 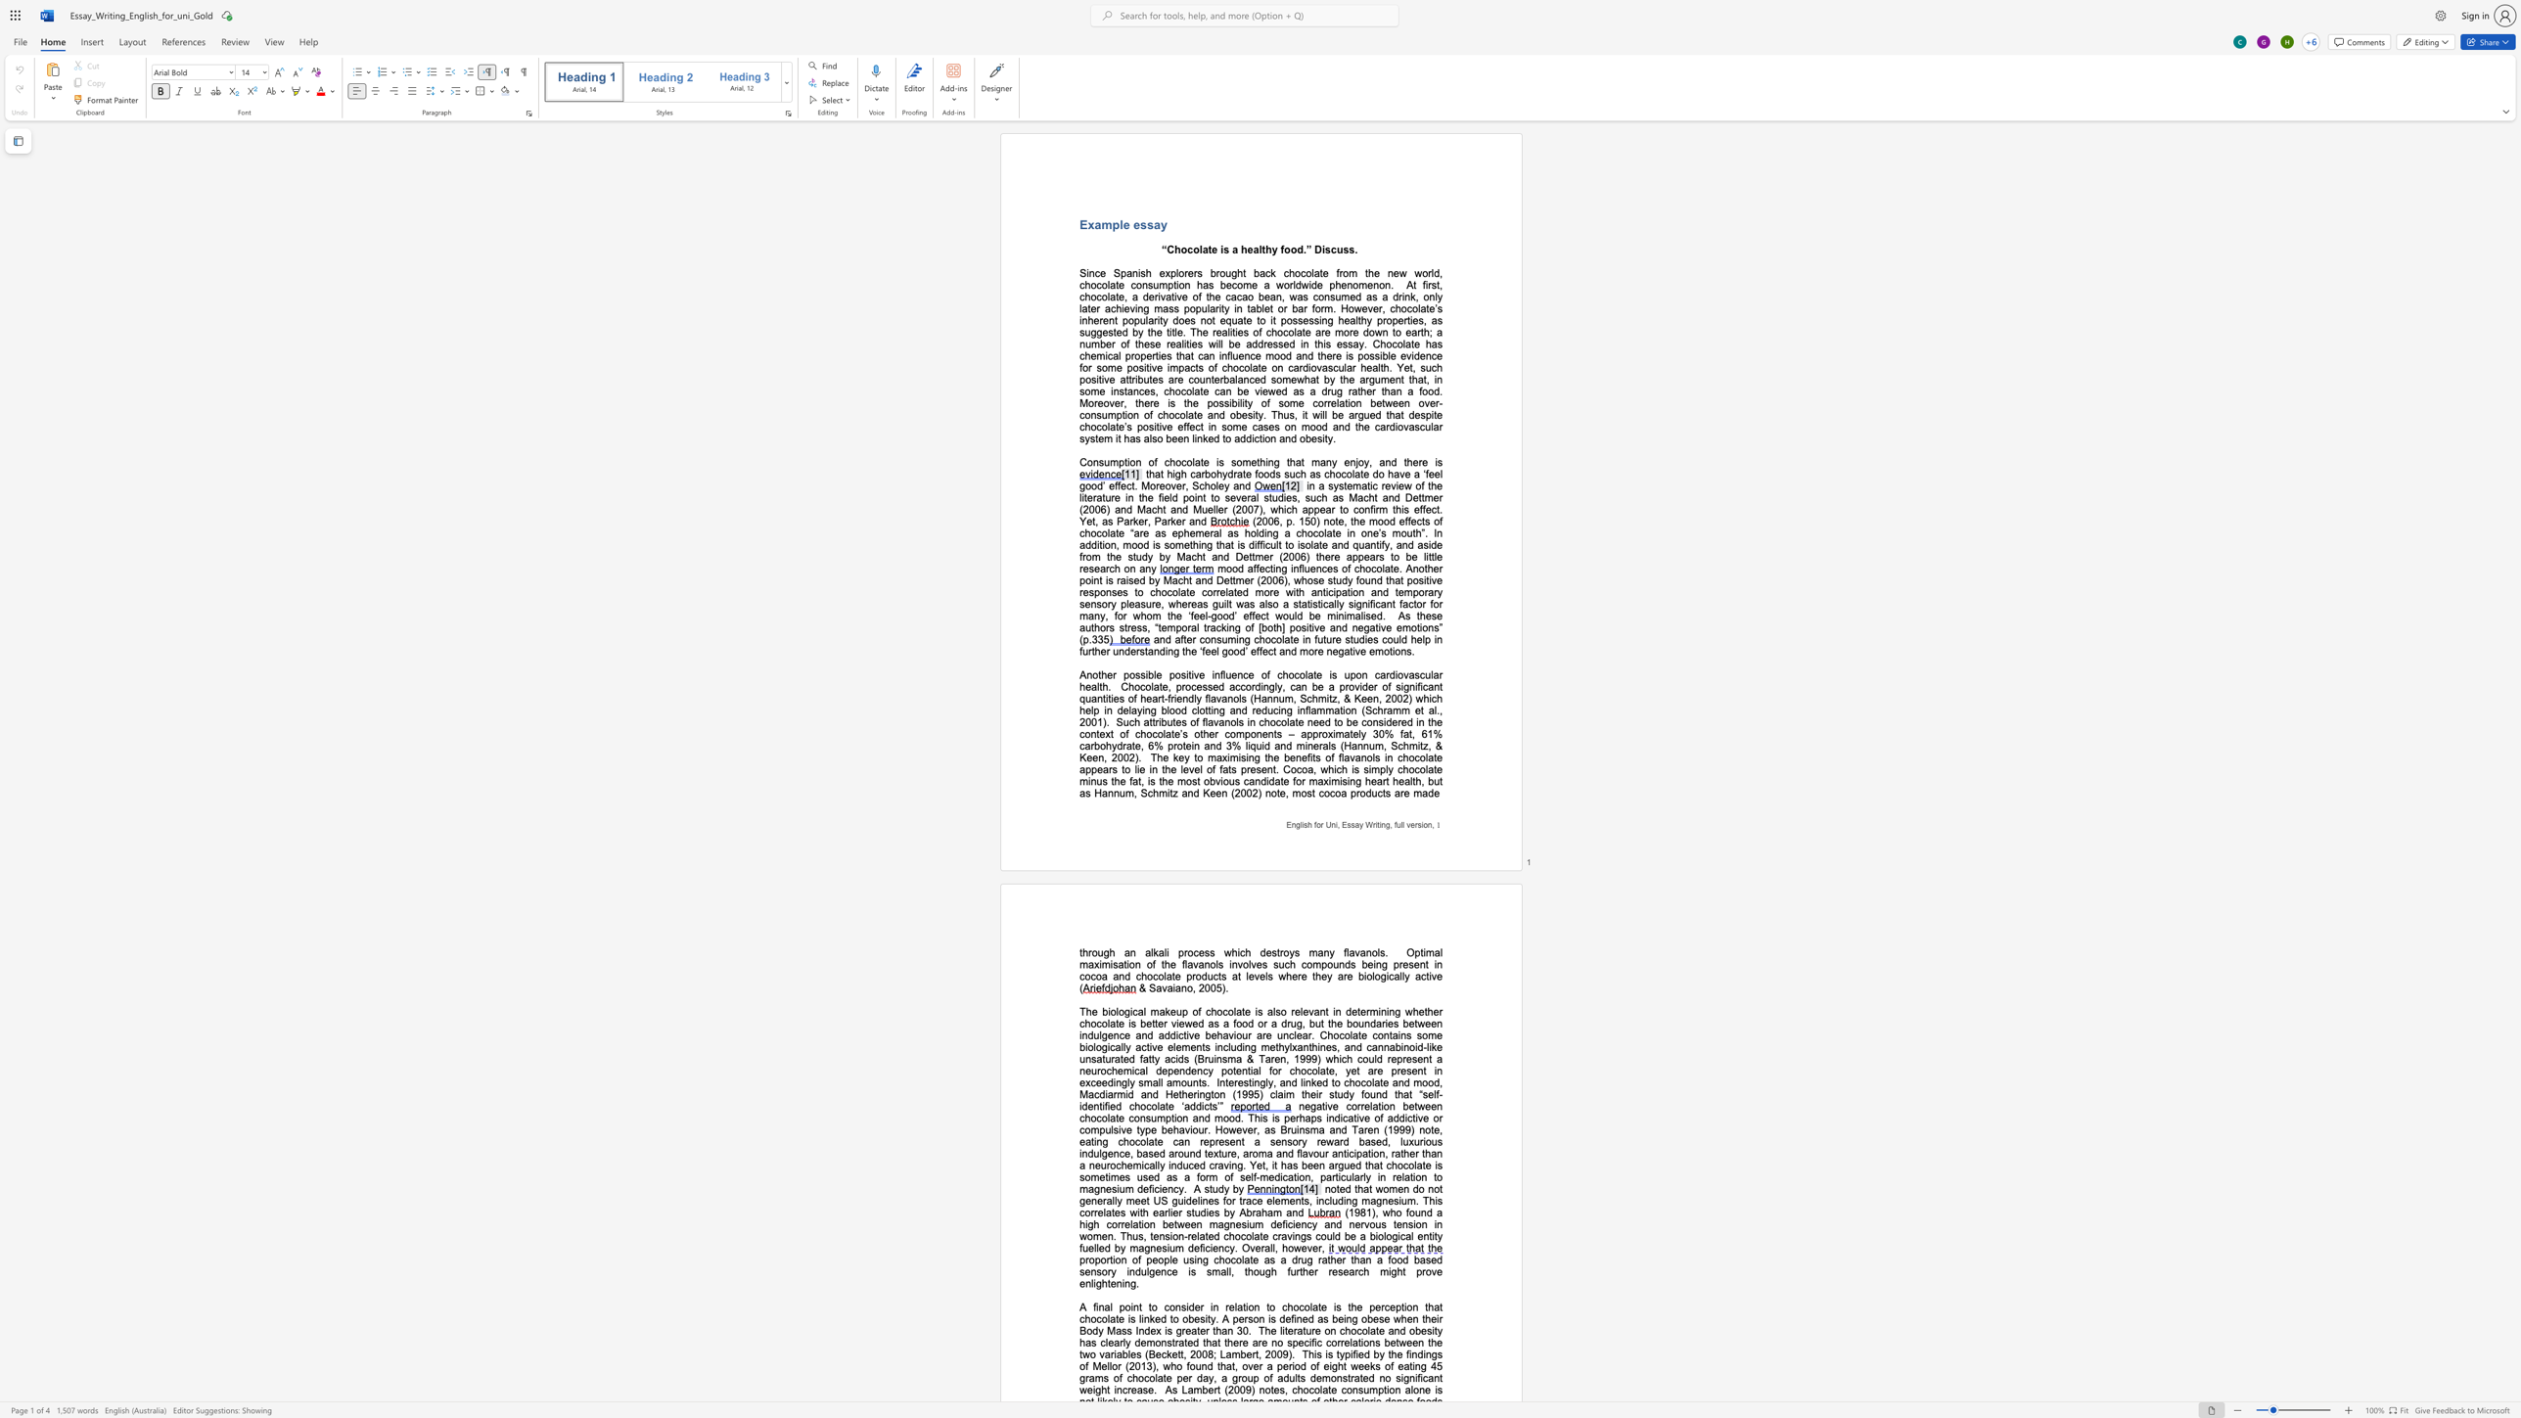 I want to click on the space between the continuous character "l" and "a" in the text, so click(x=1202, y=250).